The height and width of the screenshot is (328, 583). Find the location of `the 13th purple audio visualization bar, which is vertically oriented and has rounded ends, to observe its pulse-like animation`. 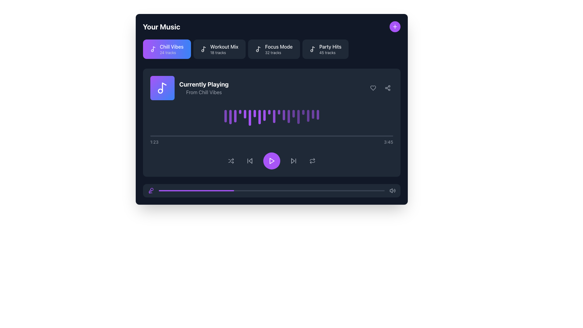

the 13th purple audio visualization bar, which is vertically oriented and has rounded ends, to observe its pulse-like animation is located at coordinates (283, 115).